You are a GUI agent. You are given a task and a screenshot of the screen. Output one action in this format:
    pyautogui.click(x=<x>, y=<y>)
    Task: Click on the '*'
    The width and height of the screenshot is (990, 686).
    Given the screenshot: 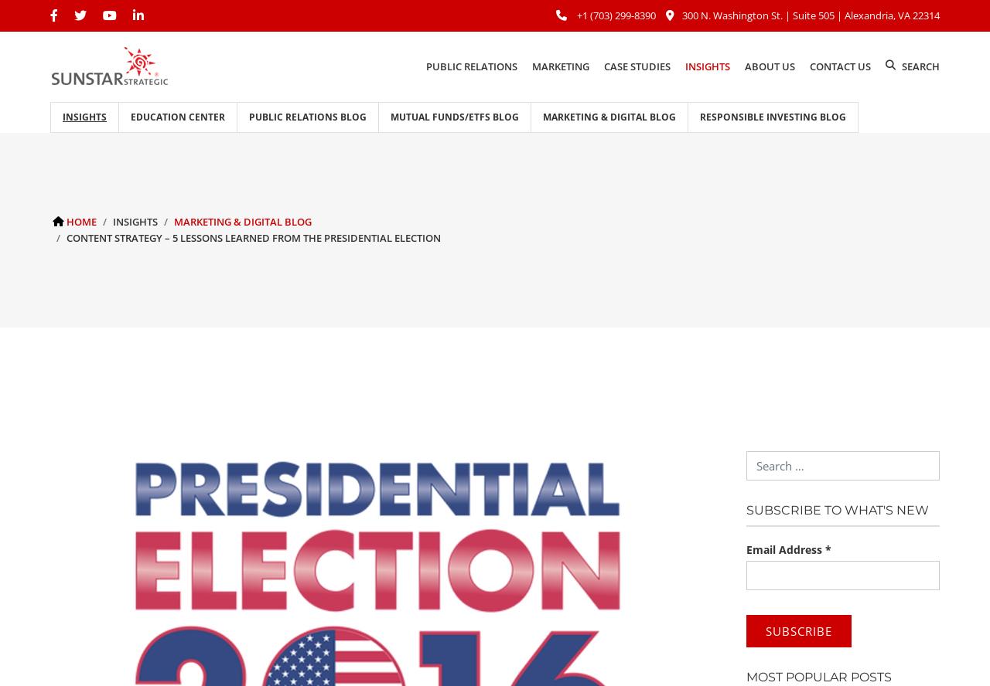 What is the action you would take?
    pyautogui.click(x=827, y=548)
    